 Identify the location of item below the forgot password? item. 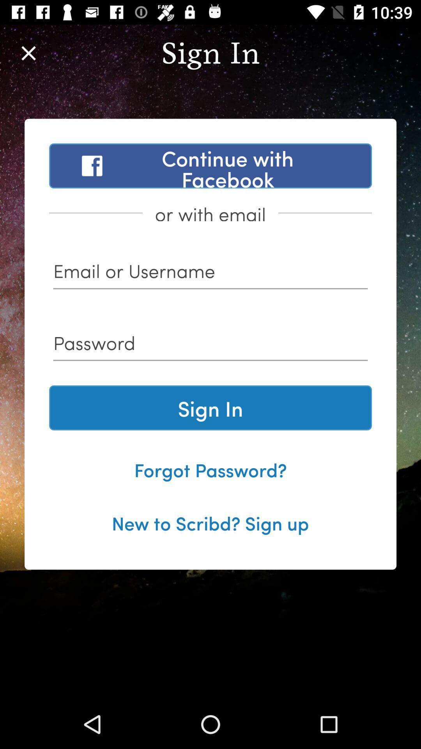
(210, 522).